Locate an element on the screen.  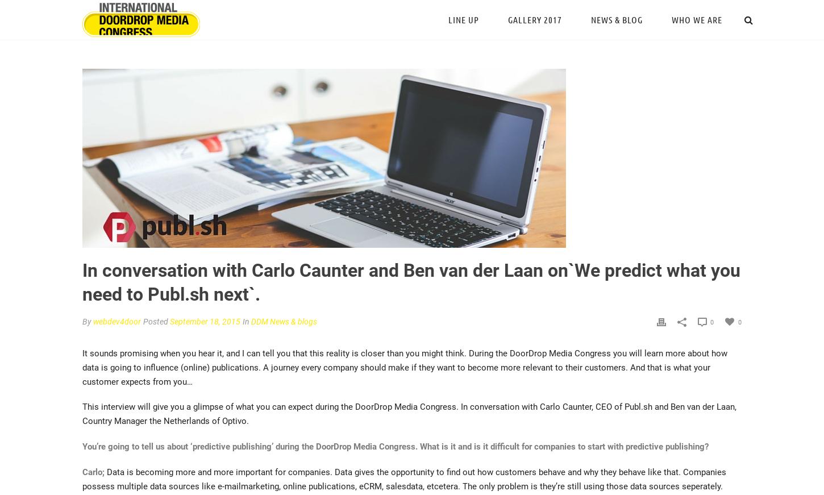
'Carlo;' is located at coordinates (82, 472).